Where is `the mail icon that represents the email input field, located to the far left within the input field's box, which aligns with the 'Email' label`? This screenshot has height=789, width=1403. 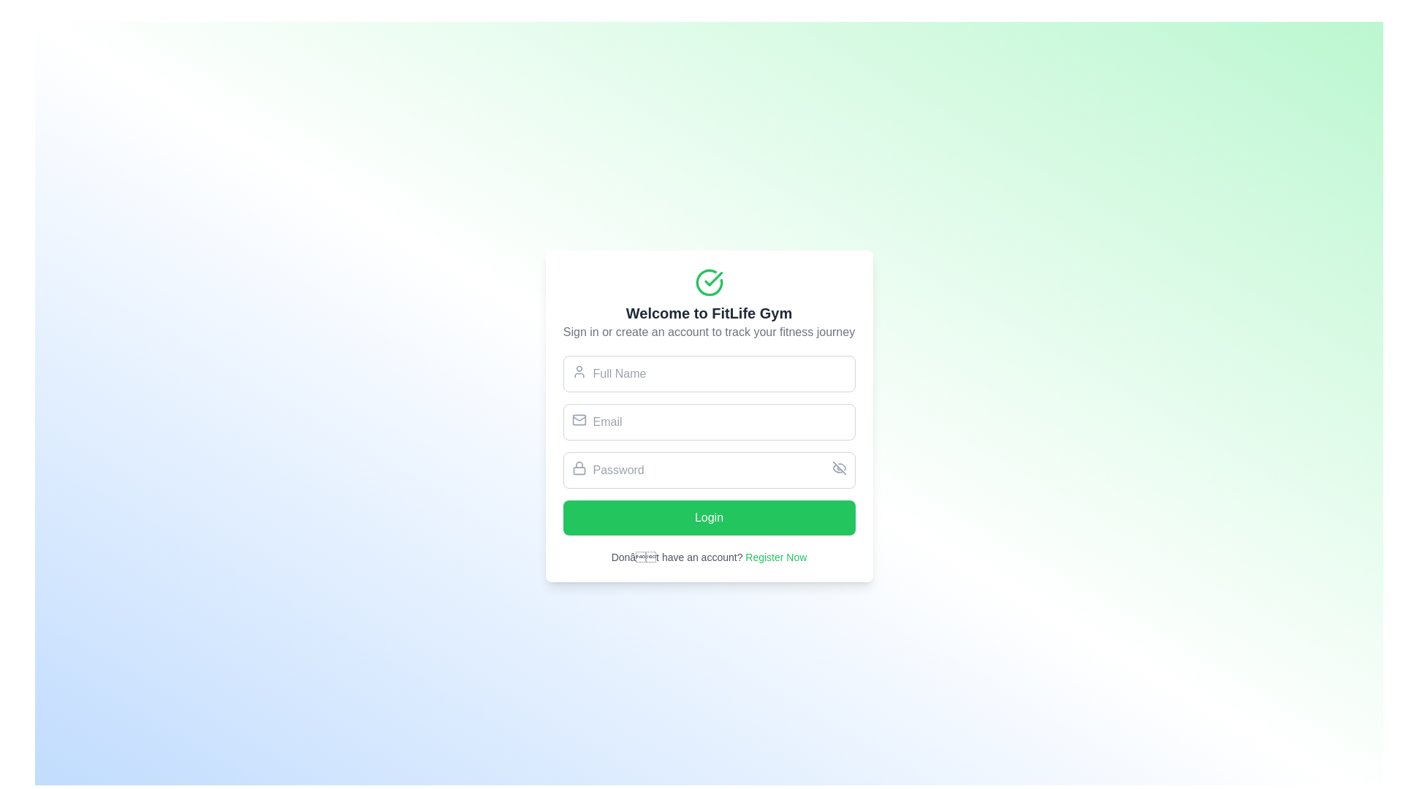 the mail icon that represents the email input field, located to the far left within the input field's box, which aligns with the 'Email' label is located at coordinates (578, 419).